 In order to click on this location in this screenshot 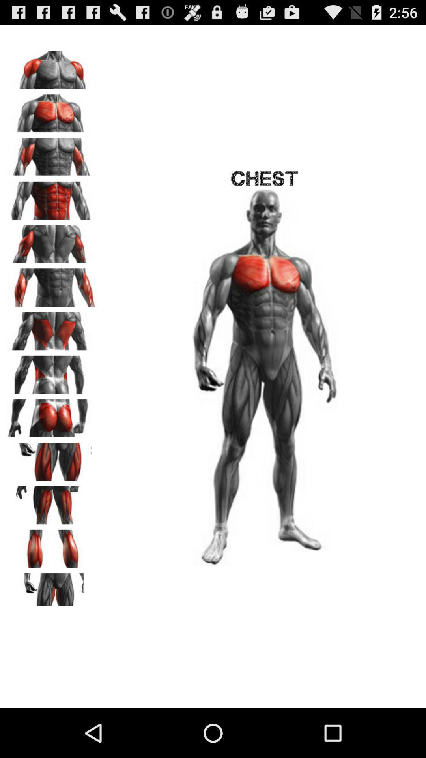, I will do `click(52, 328)`.